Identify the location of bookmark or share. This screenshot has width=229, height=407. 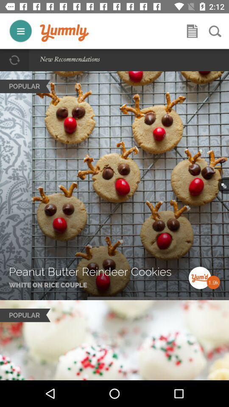
(192, 31).